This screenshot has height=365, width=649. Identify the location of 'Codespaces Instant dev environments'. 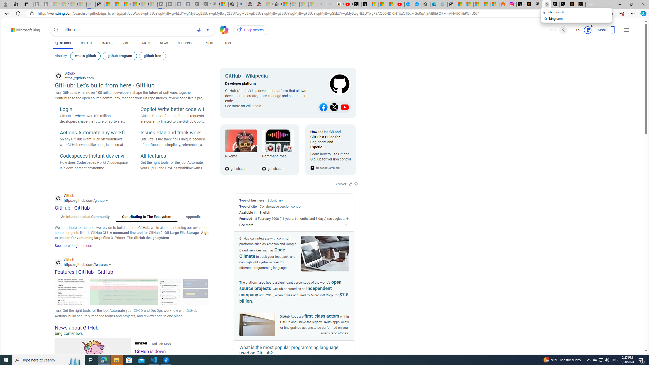
(94, 156).